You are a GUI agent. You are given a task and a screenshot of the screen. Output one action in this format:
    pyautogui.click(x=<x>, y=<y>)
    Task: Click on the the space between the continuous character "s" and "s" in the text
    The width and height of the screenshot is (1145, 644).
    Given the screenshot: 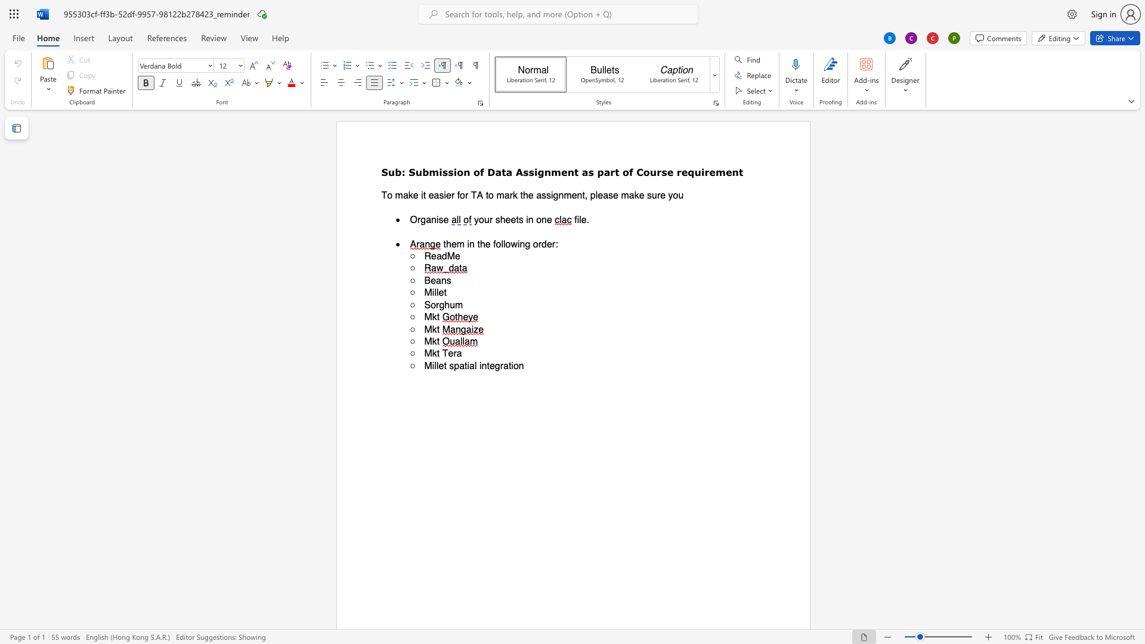 What is the action you would take?
    pyautogui.click(x=447, y=172)
    